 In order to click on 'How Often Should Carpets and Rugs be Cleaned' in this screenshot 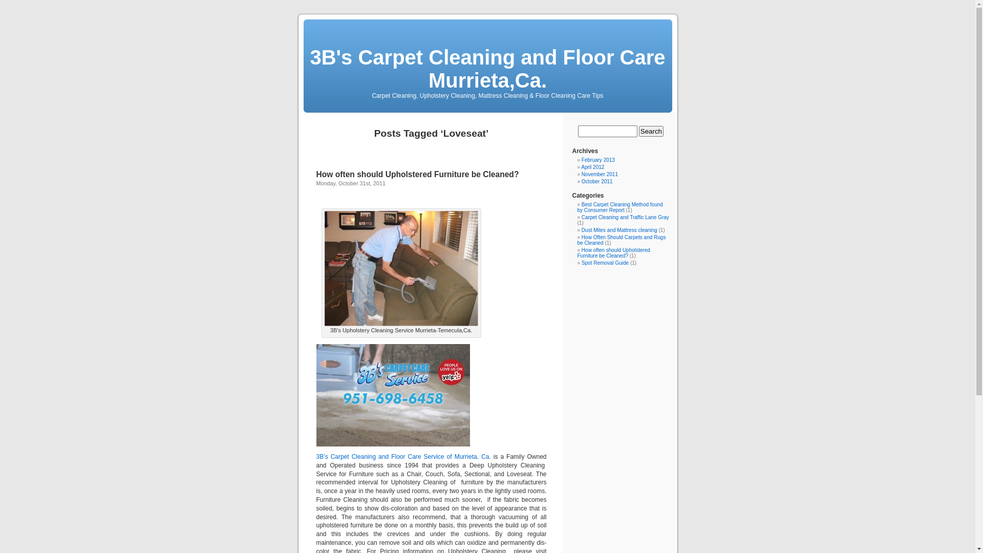, I will do `click(621, 240)`.